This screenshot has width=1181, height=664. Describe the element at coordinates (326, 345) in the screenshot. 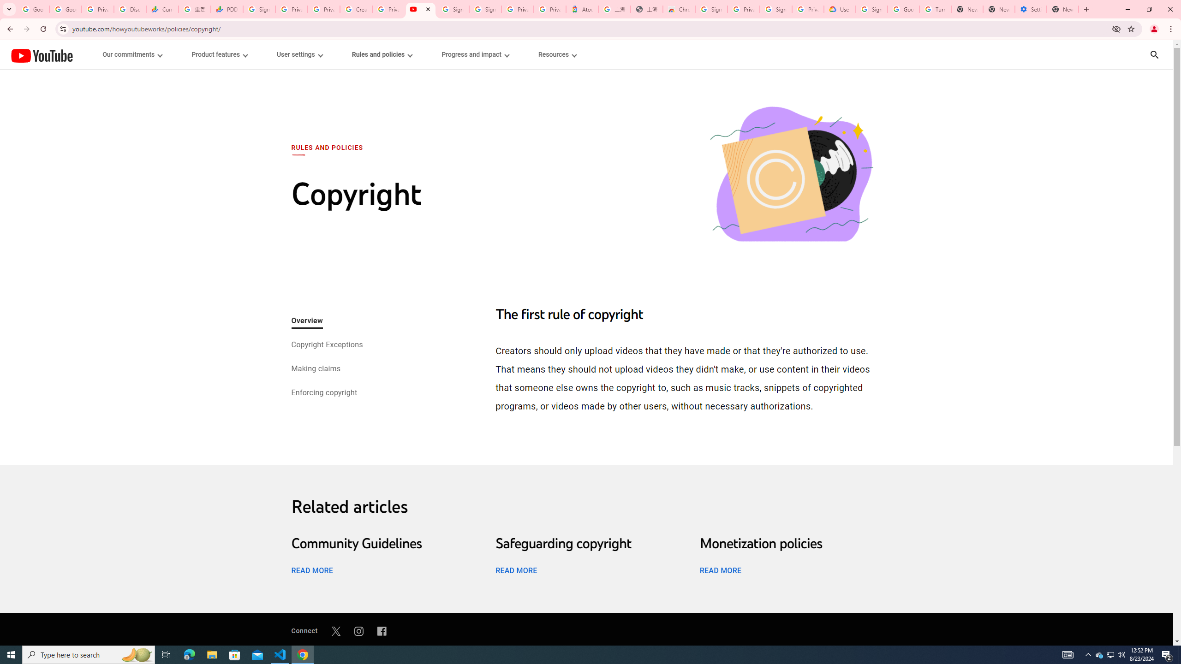

I see `'Copyright Exceptions'` at that location.